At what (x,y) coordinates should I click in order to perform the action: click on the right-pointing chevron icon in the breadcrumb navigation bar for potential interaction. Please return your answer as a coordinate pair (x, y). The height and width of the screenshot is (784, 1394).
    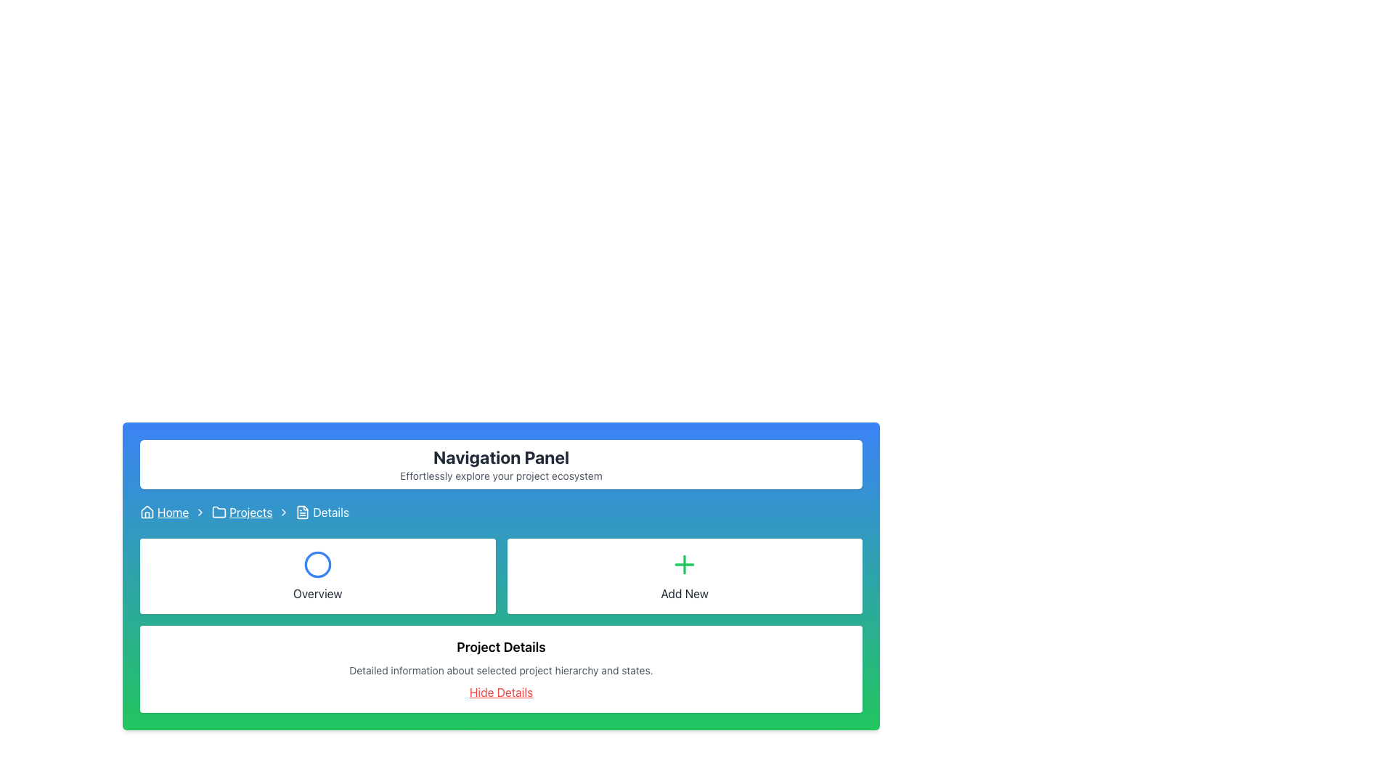
    Looking at the image, I should click on (284, 511).